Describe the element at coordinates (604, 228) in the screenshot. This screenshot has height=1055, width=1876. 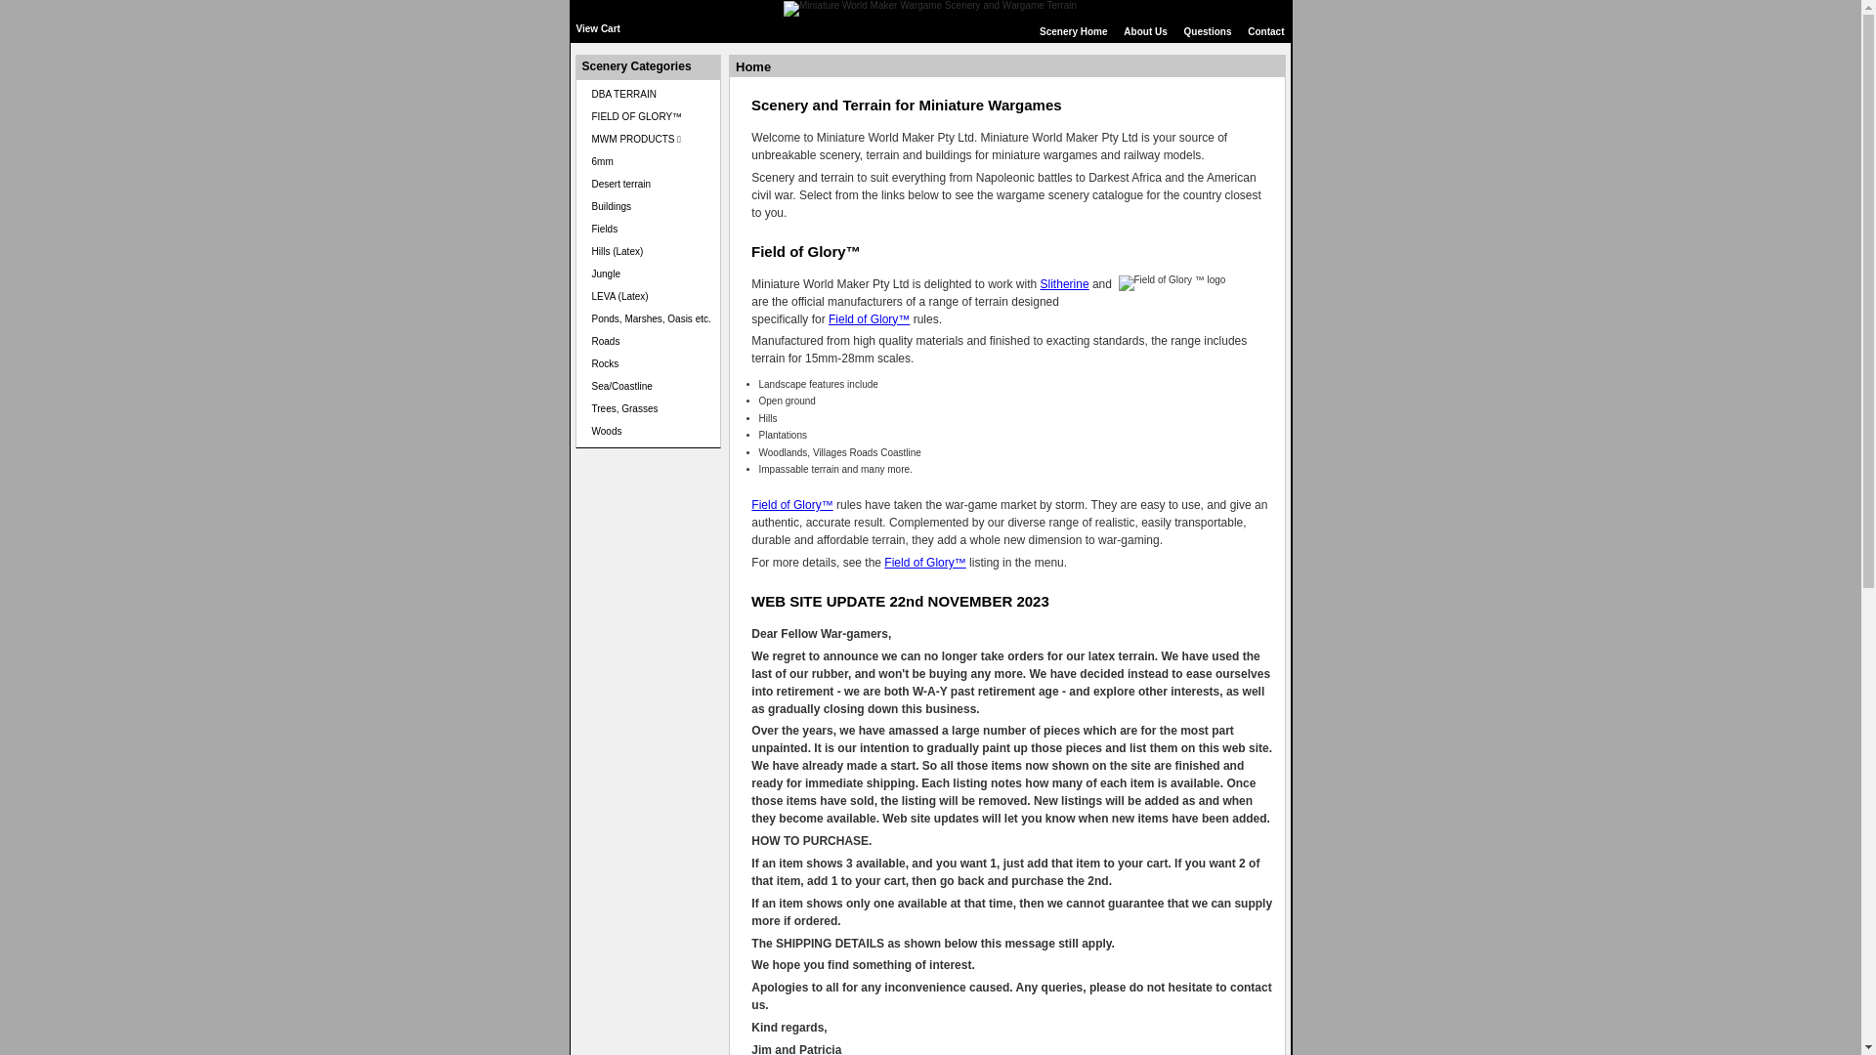
I see `'Fields'` at that location.